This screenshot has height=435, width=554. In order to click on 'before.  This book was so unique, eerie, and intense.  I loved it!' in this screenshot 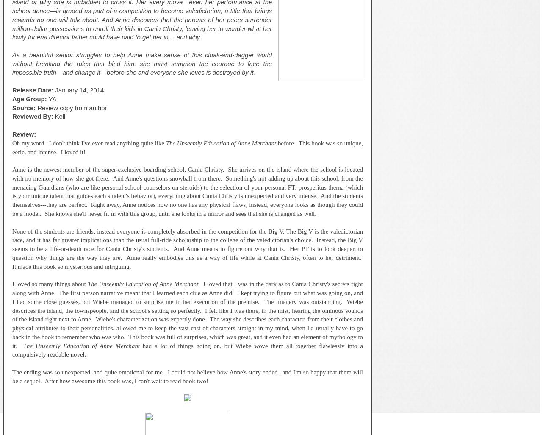, I will do `click(187, 147)`.